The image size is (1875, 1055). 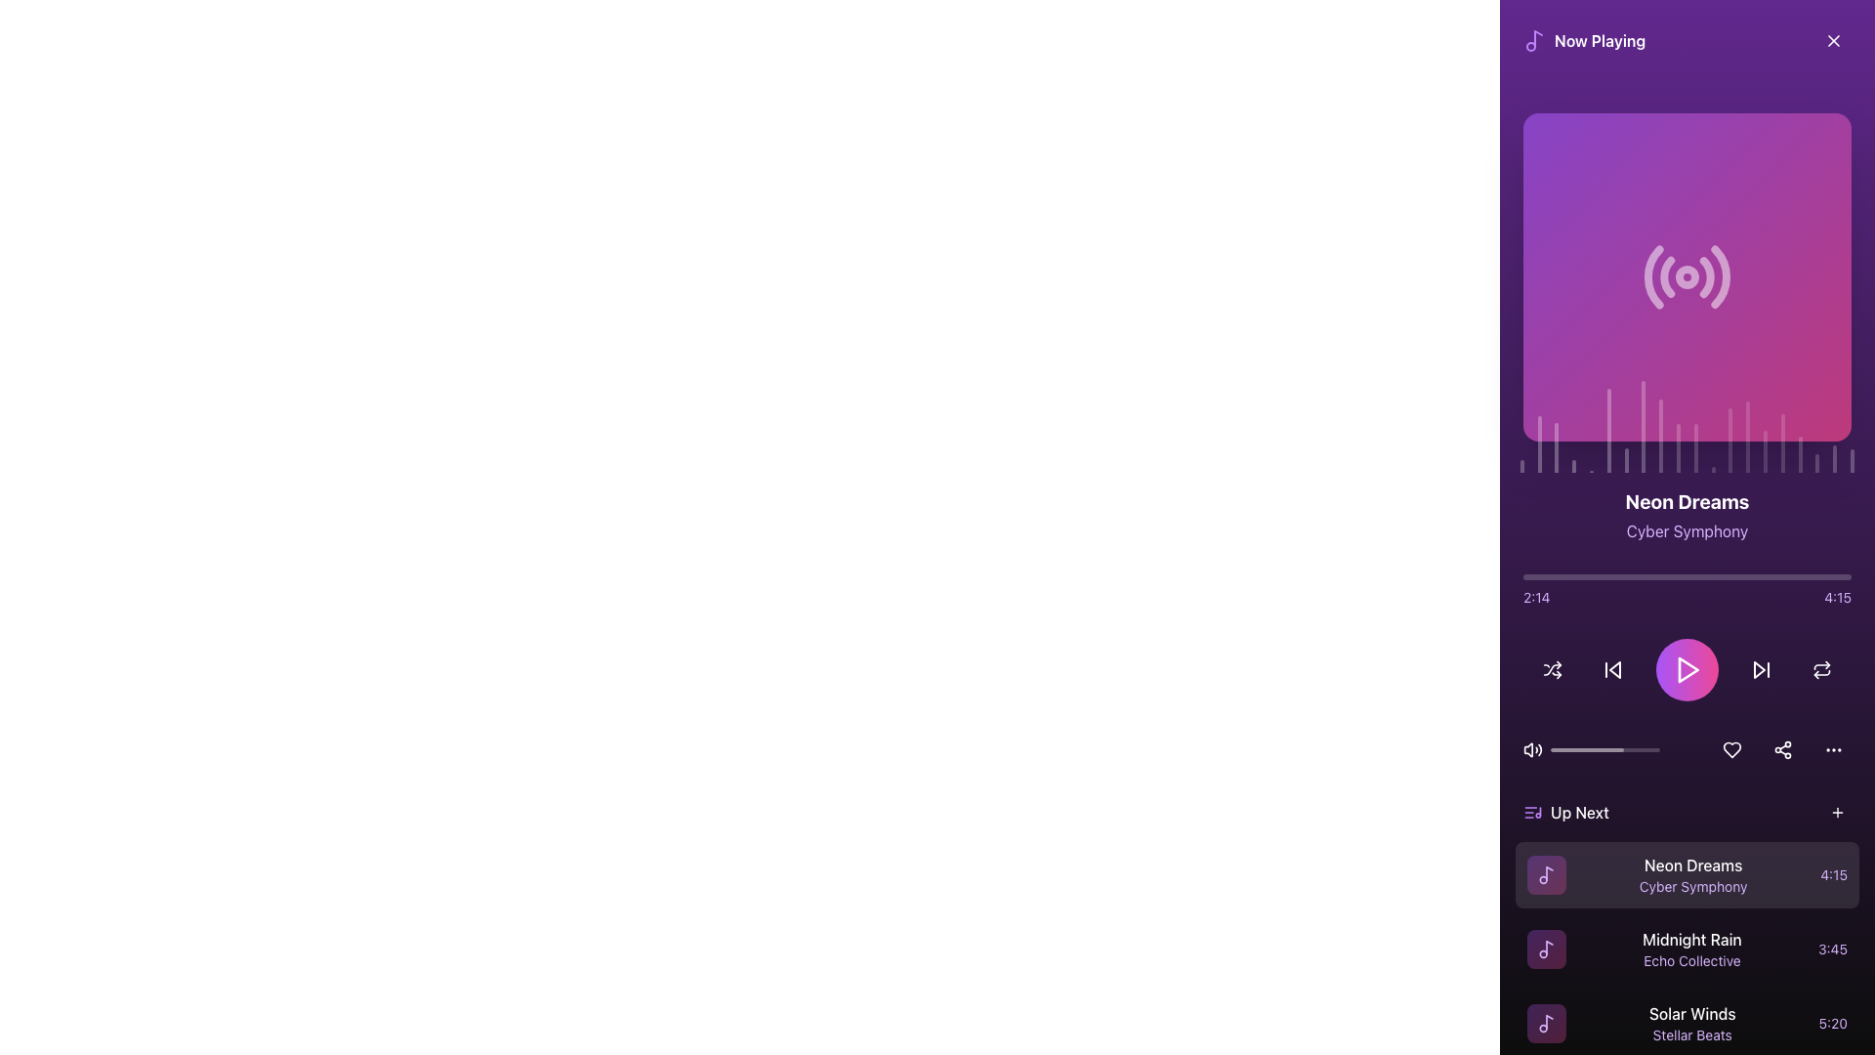 What do you see at coordinates (1782, 748) in the screenshot?
I see `the sharing or connecting button located beneath the progress bar and to the right of the heart icon` at bounding box center [1782, 748].